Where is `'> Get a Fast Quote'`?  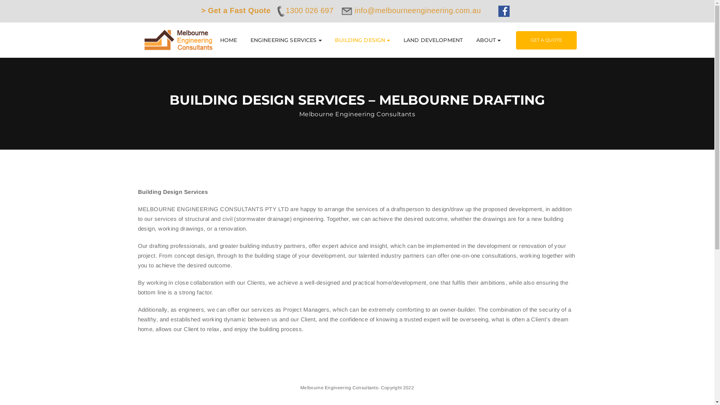 '> Get a Fast Quote' is located at coordinates (235, 10).